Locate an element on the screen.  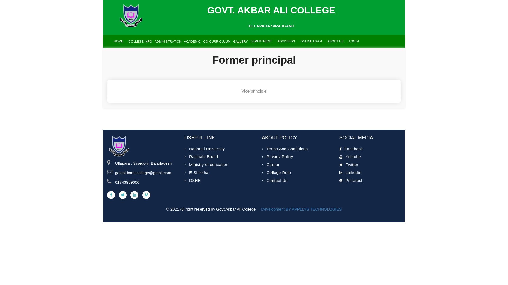
'   ACADEMIC' is located at coordinates (191, 41).